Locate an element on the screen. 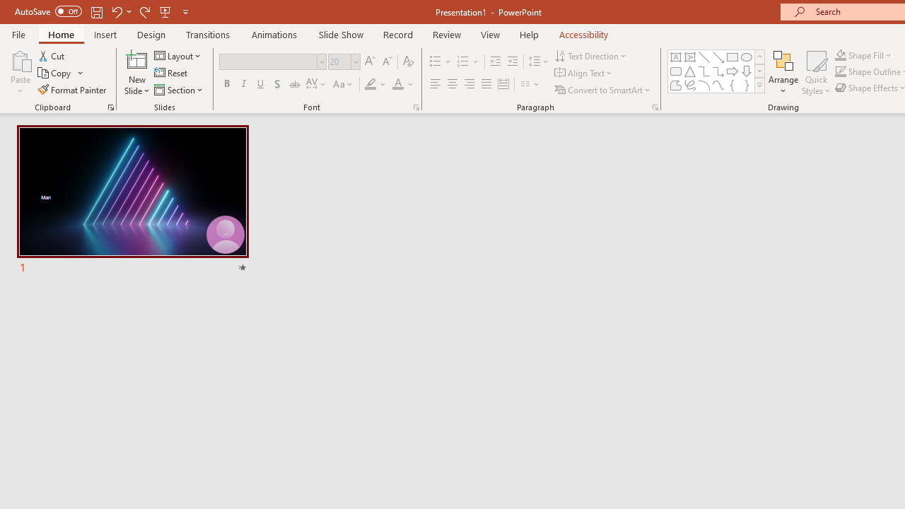  'Format Painter' is located at coordinates (72, 90).